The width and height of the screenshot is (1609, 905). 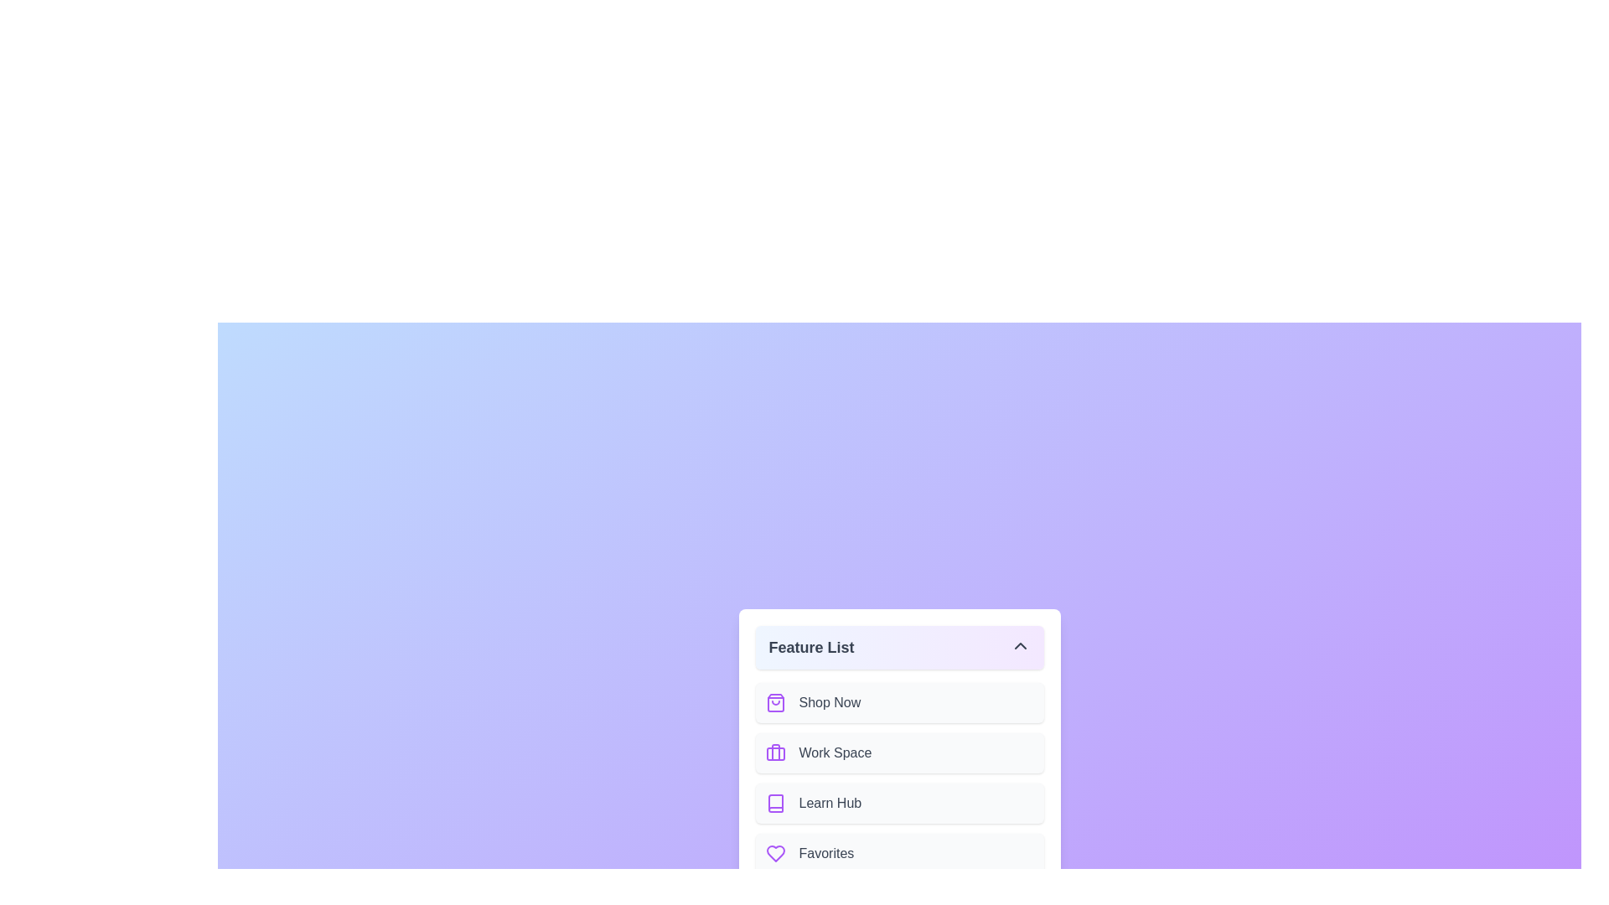 What do you see at coordinates (898, 703) in the screenshot?
I see `the feature Shop Now from the list` at bounding box center [898, 703].